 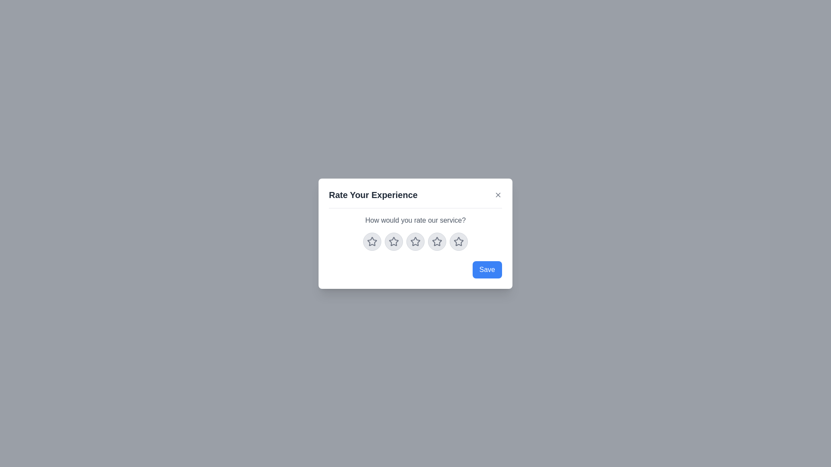 What do you see at coordinates (498, 195) in the screenshot?
I see `the 'X' button to close the dialog` at bounding box center [498, 195].